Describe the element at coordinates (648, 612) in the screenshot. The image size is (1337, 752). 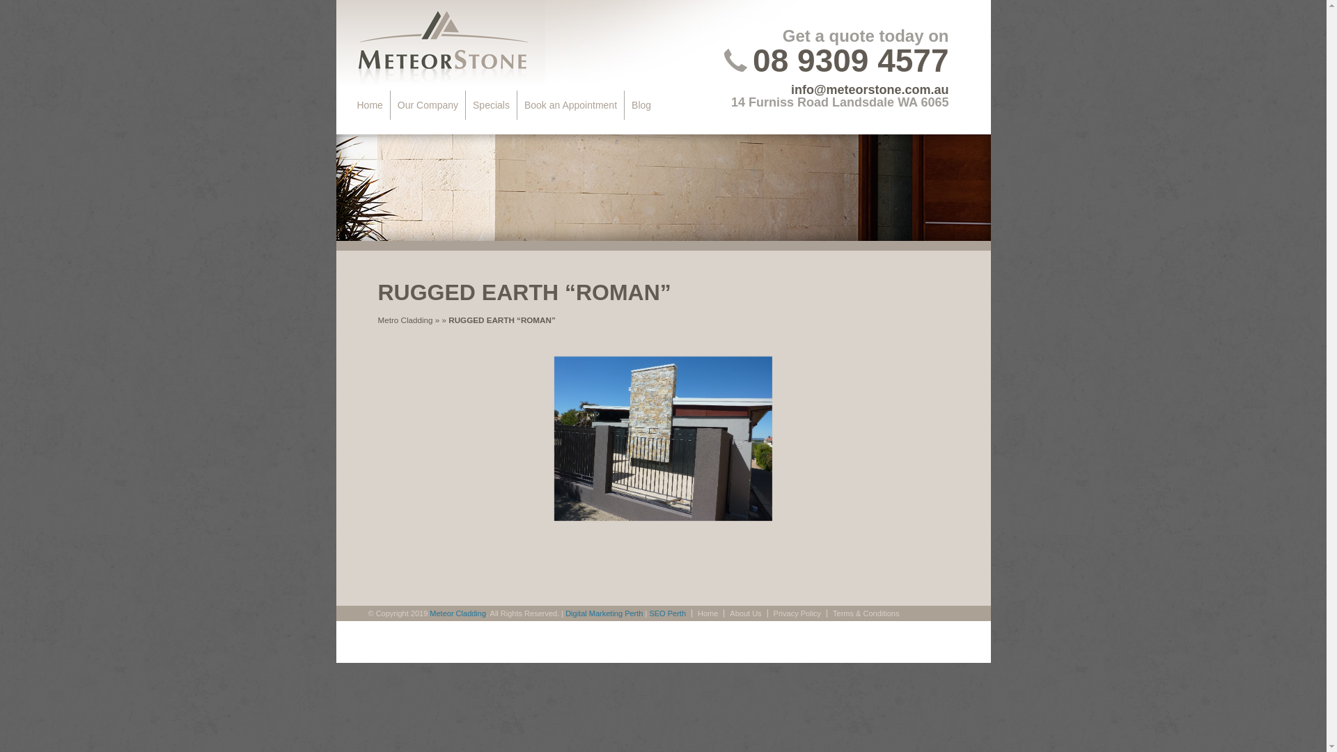
I see `'SEO Perth'` at that location.